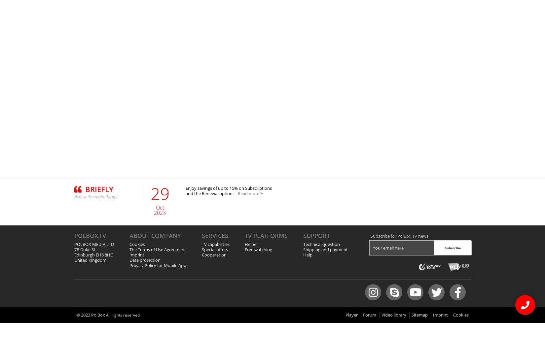 Image resolution: width=545 pixels, height=337 pixels. Describe the element at coordinates (157, 265) in the screenshot. I see `'Privacy Policy for Mobile App'` at that location.